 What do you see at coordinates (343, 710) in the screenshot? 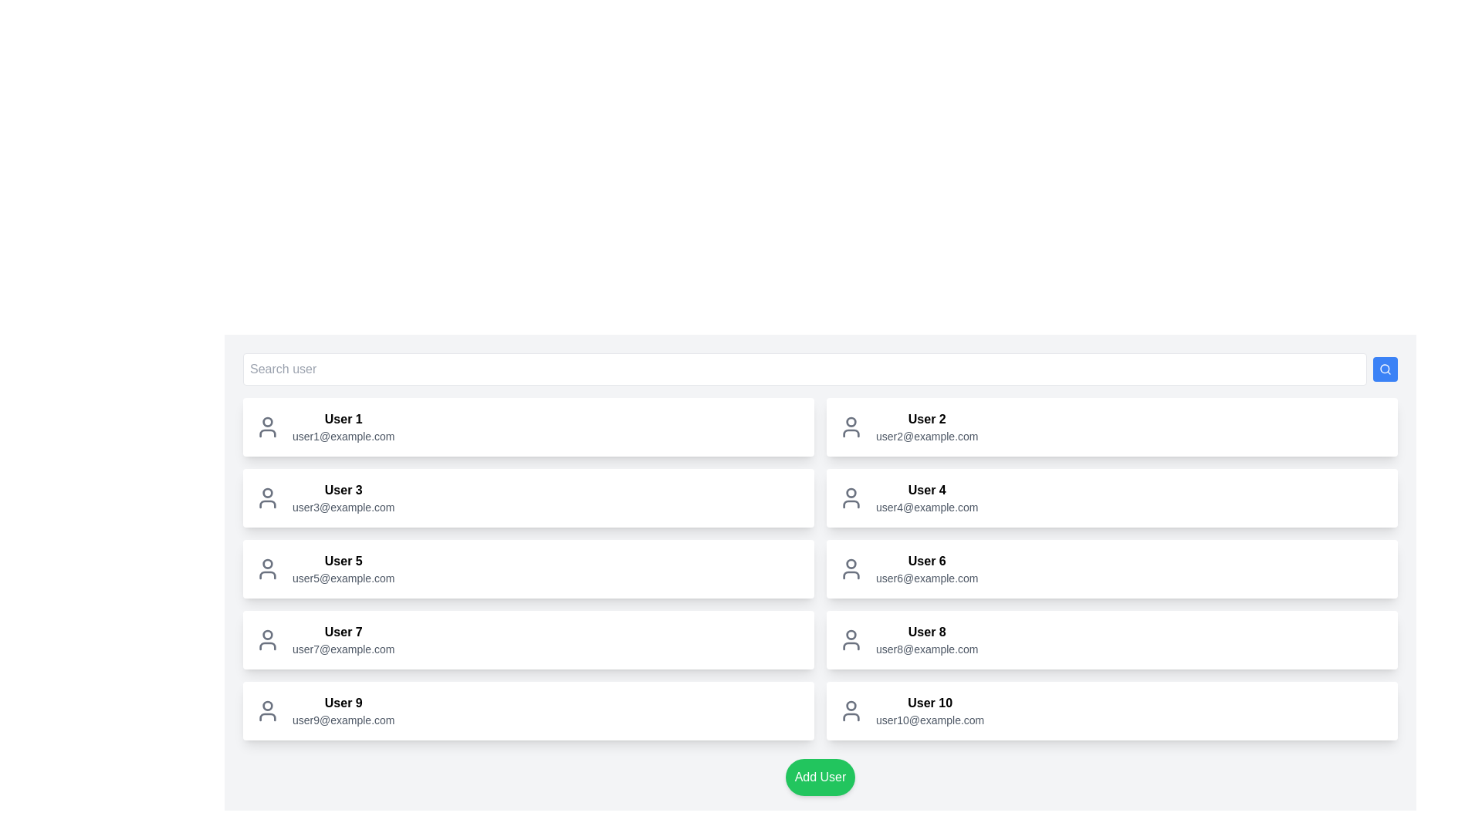
I see `the text display component that represents the user's identity and contact information, located in the bottom-left corner of the grid layout` at bounding box center [343, 710].